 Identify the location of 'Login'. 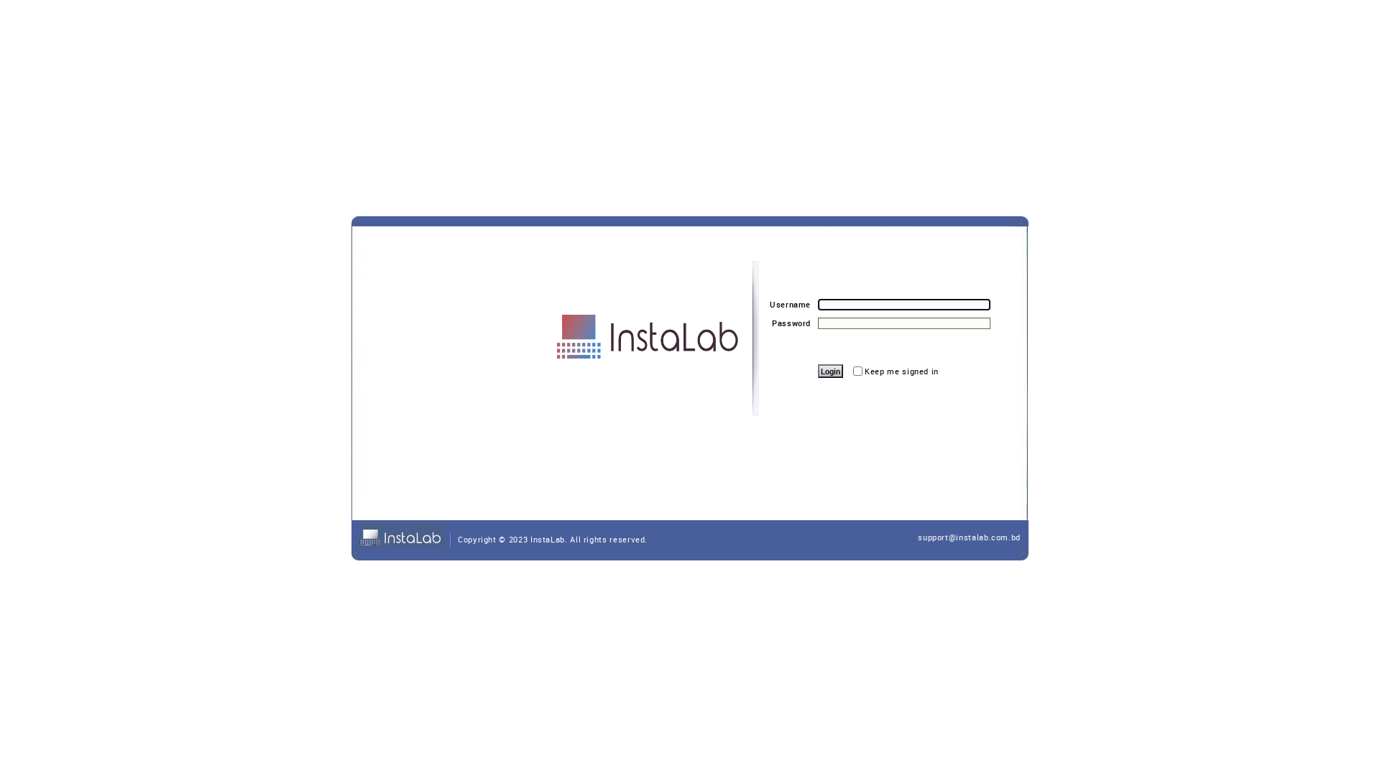
(830, 370).